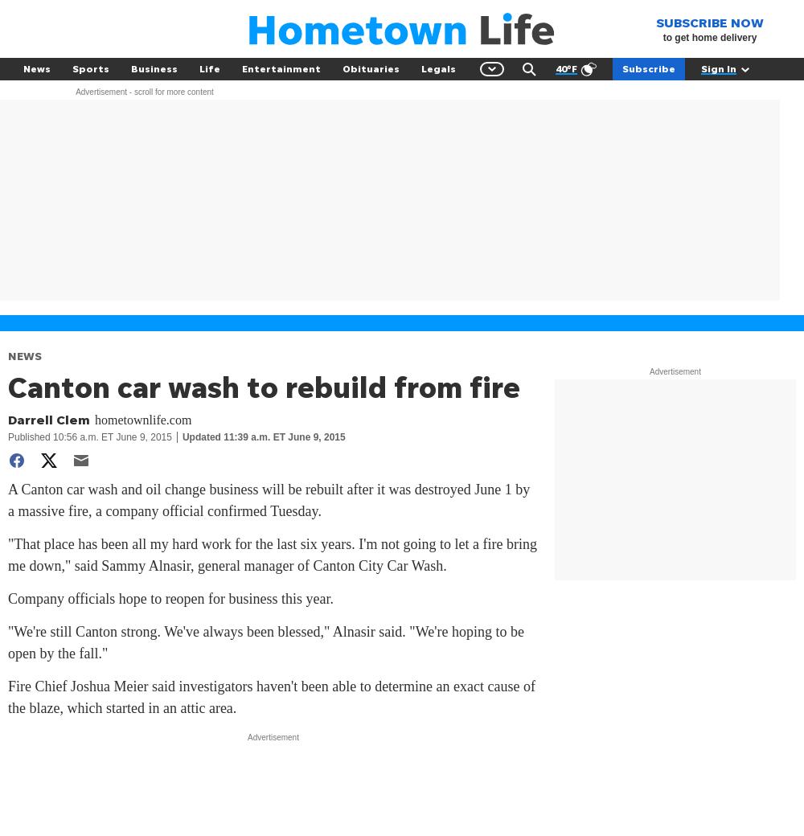 This screenshot has height=836, width=804. What do you see at coordinates (170, 598) in the screenshot?
I see `'Company officials hope to reopen for business this year.'` at bounding box center [170, 598].